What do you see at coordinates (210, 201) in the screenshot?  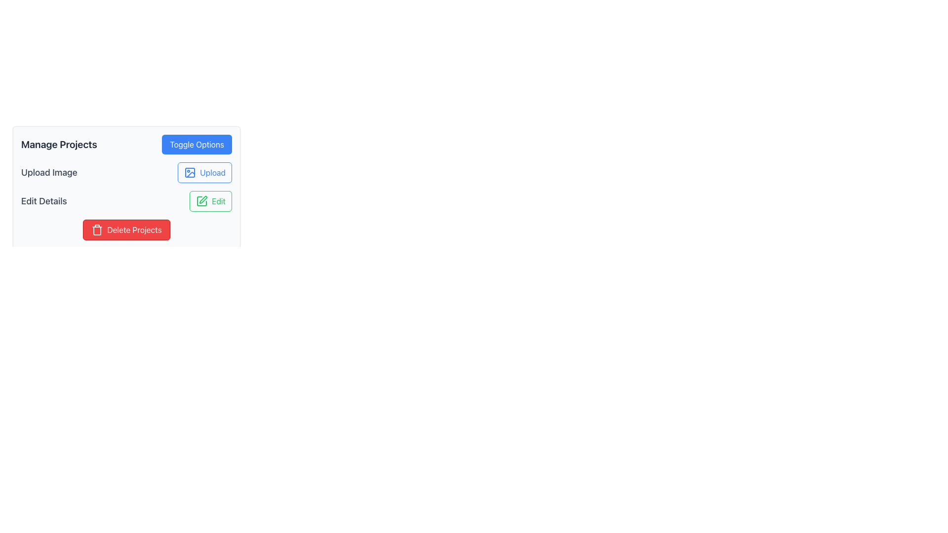 I see `the 'Edit' button, which is a green rectangular button with a pencil icon and text, located in the 'Edit Details' section at the bottom-right of the interface` at bounding box center [210, 201].